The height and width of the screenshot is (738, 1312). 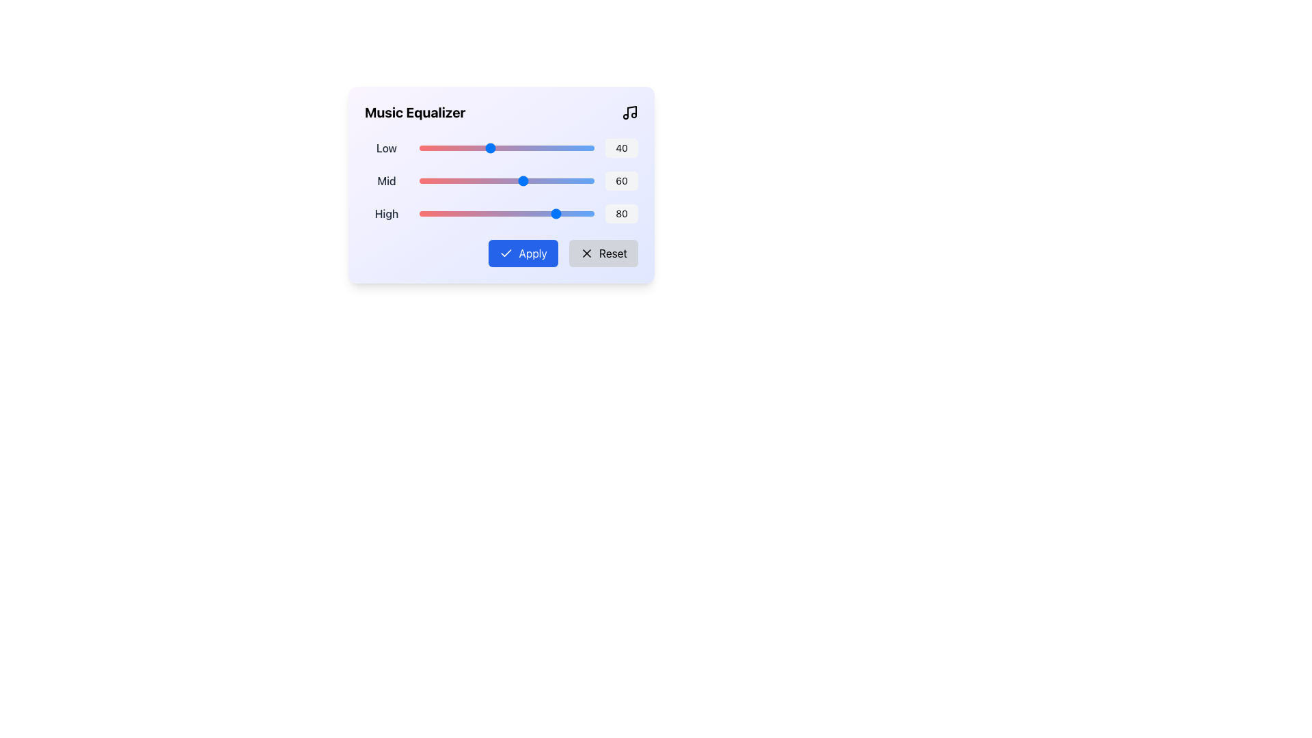 What do you see at coordinates (621, 213) in the screenshot?
I see `the numerical display label that shows the value 80, located at the far right end of the 'High' slider bar` at bounding box center [621, 213].